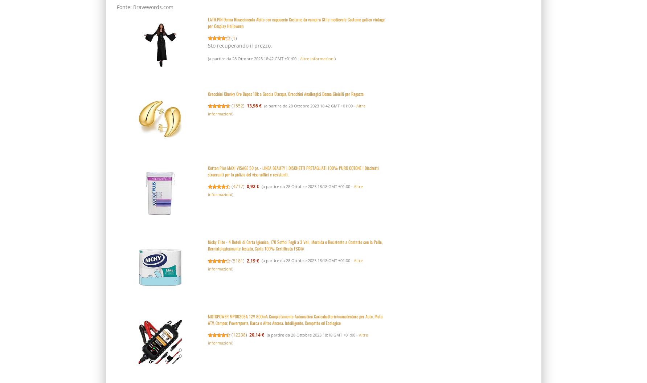  I want to click on '4717', so click(238, 186).